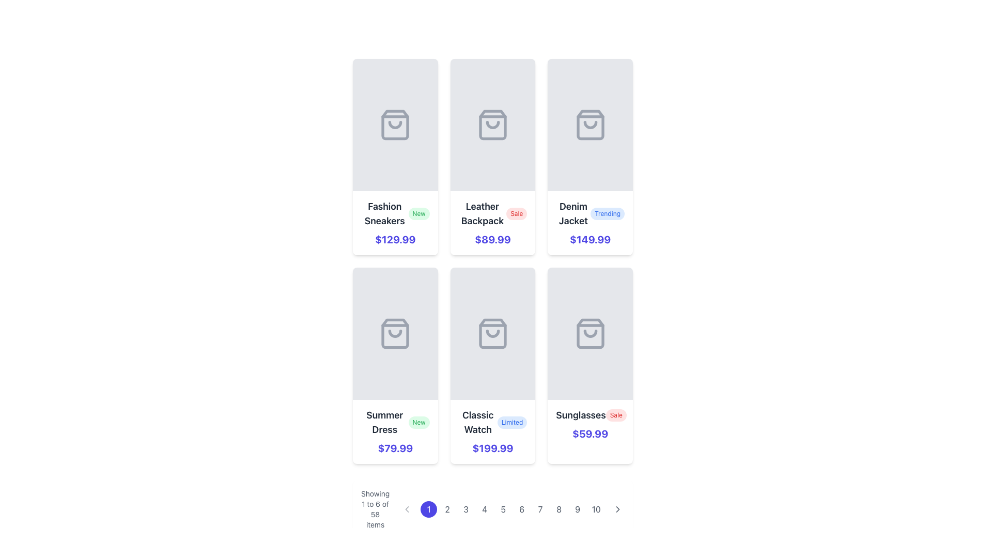 Image resolution: width=992 pixels, height=558 pixels. Describe the element at coordinates (590, 434) in the screenshot. I see `price displayed in the text label located below the 'Sunglasses' description text, centrally aligned within the bottom section of the 'Sunglasses' product card` at that location.